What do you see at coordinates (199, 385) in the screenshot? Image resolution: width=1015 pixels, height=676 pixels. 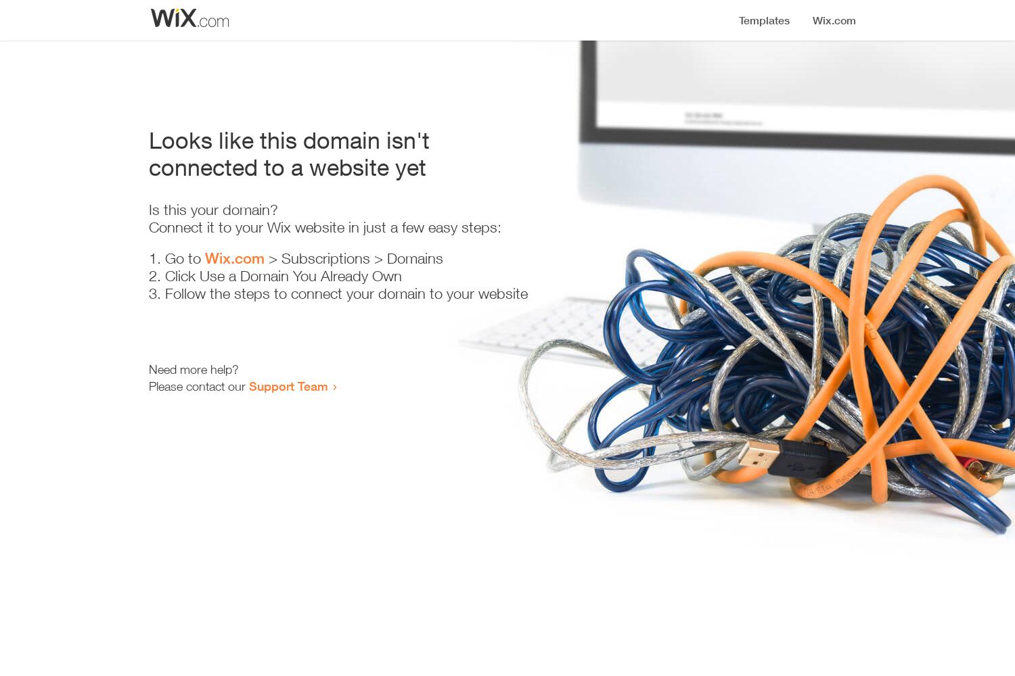 I see `'Please contact our'` at bounding box center [199, 385].